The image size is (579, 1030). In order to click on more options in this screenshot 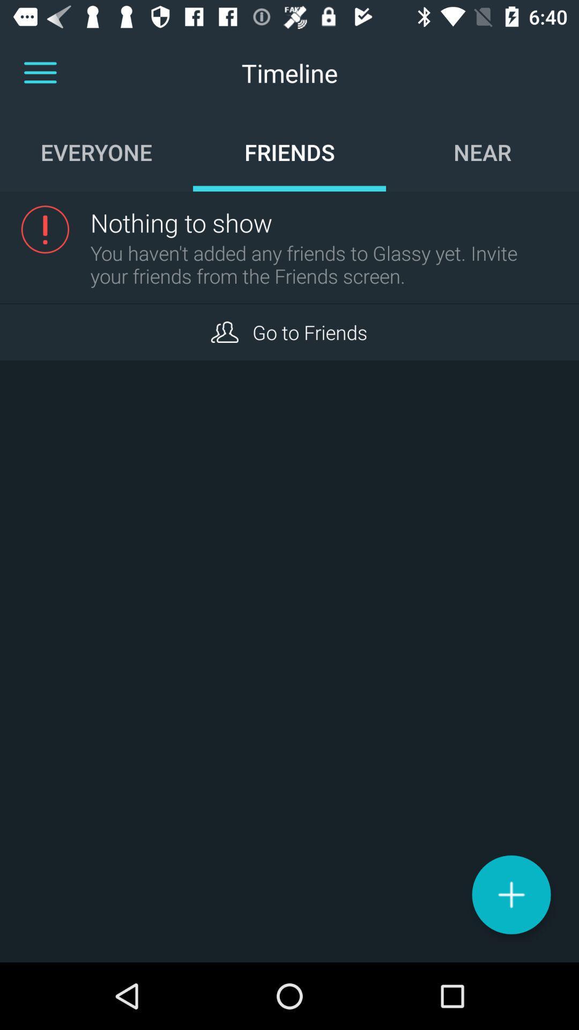, I will do `click(40, 72)`.